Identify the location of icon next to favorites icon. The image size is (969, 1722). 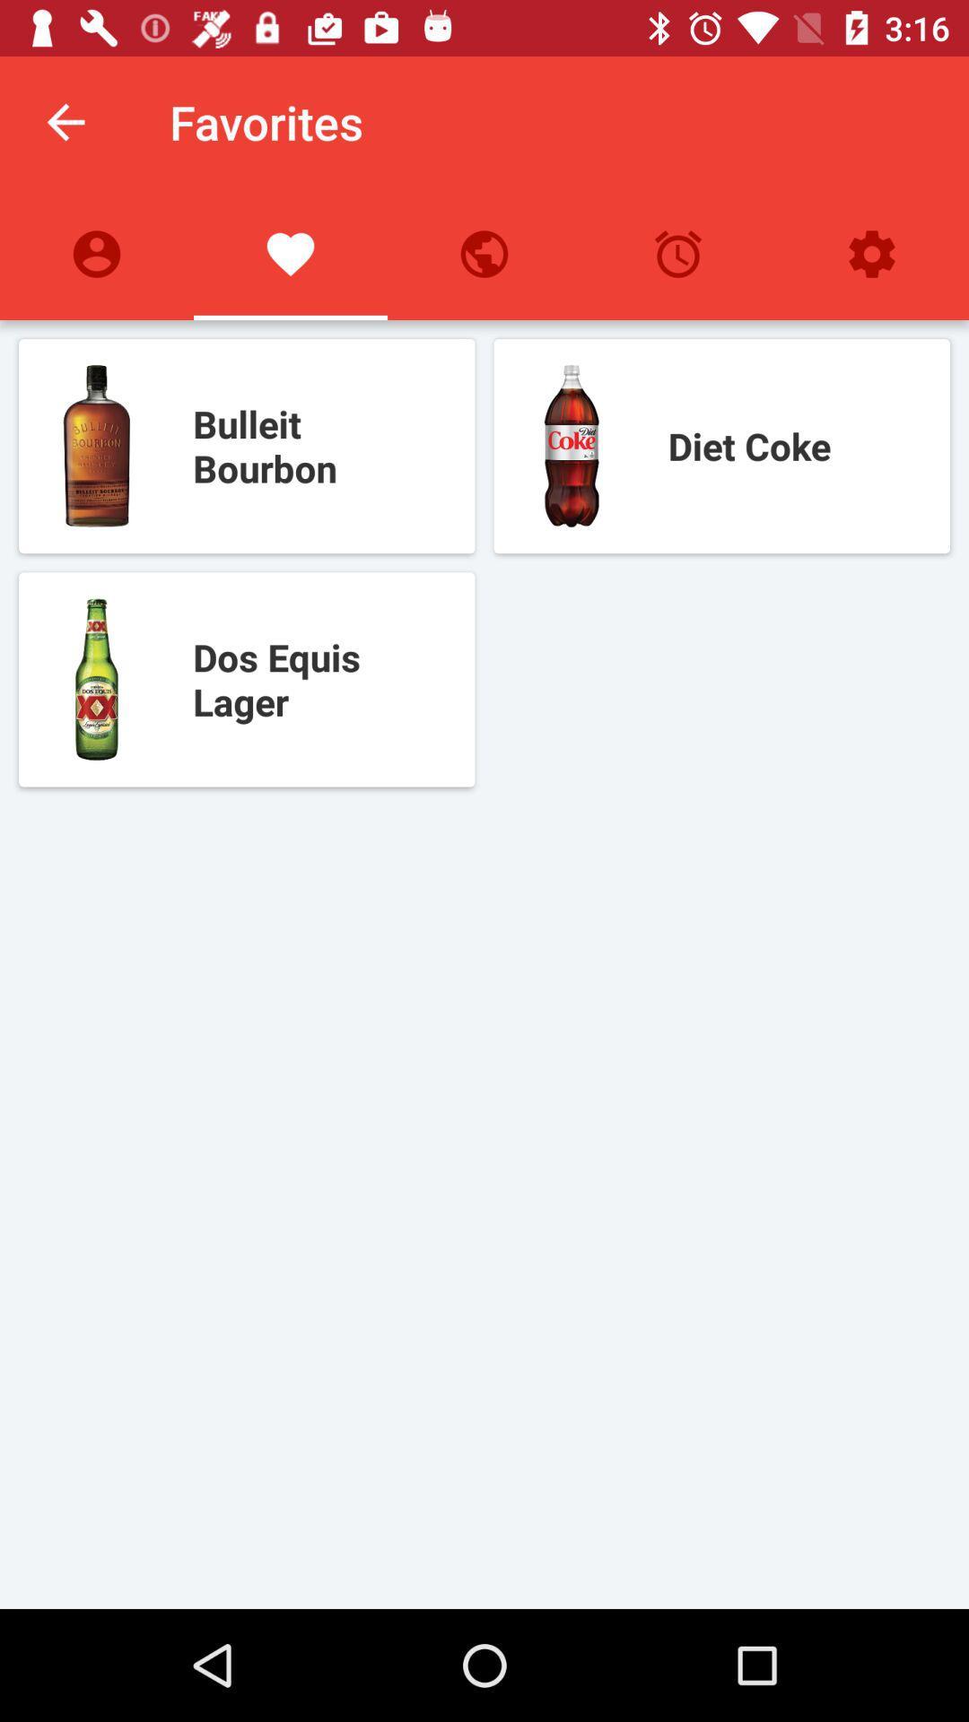
(65, 121).